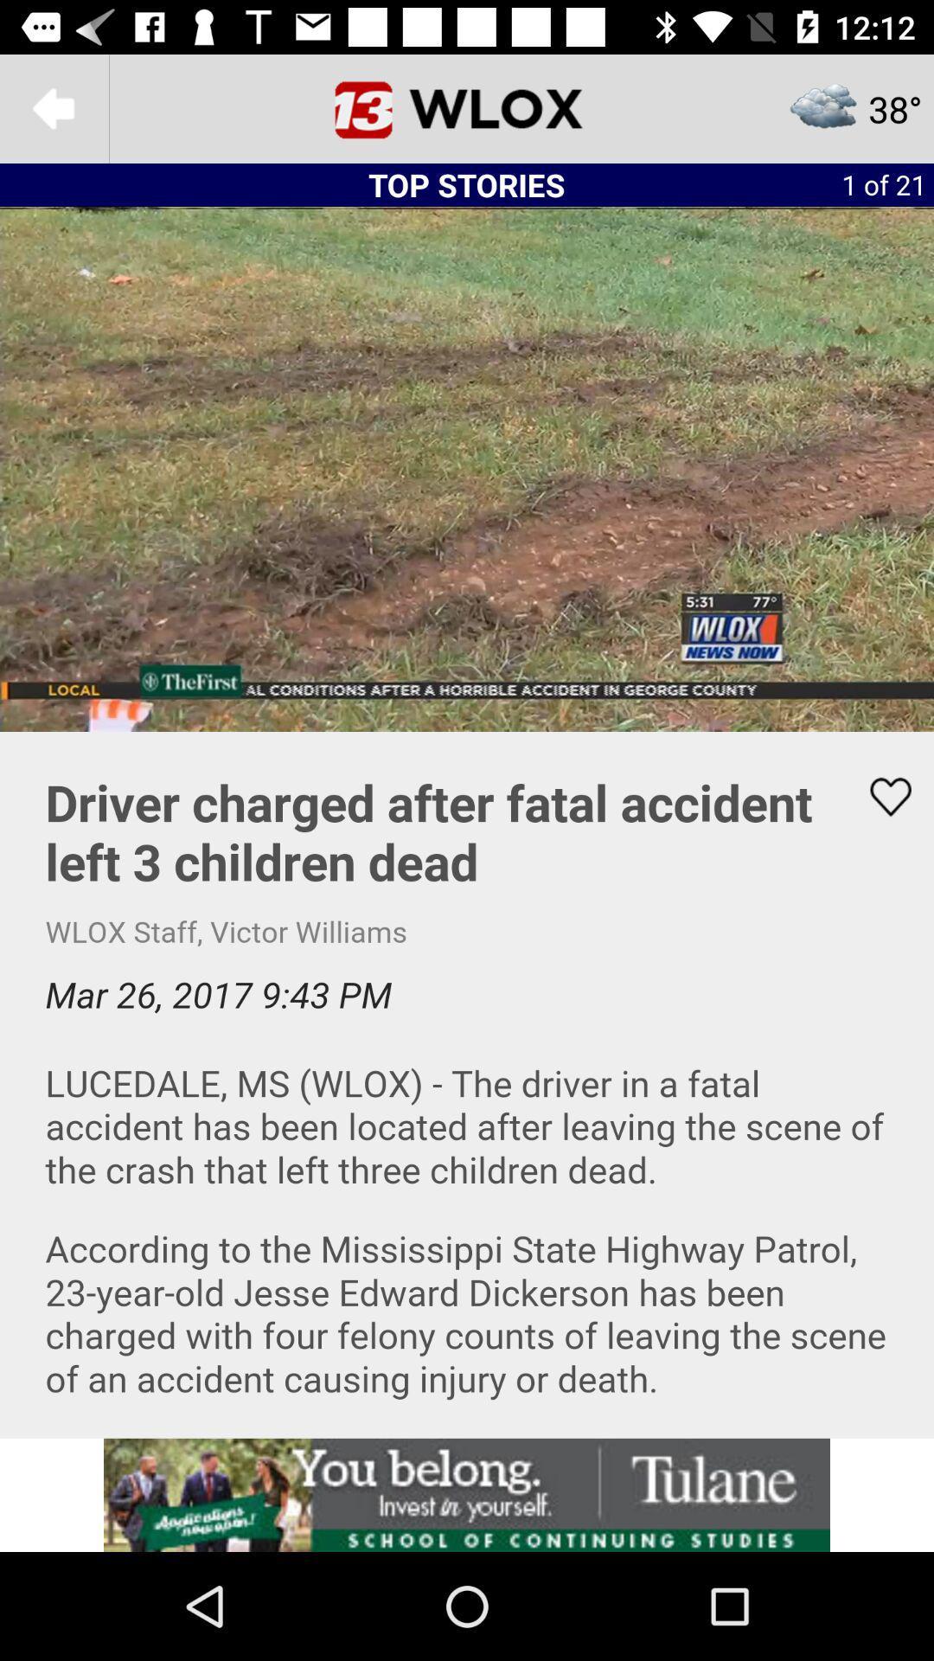 The height and width of the screenshot is (1661, 934). Describe the element at coordinates (880, 796) in the screenshot. I see `to add favorite` at that location.